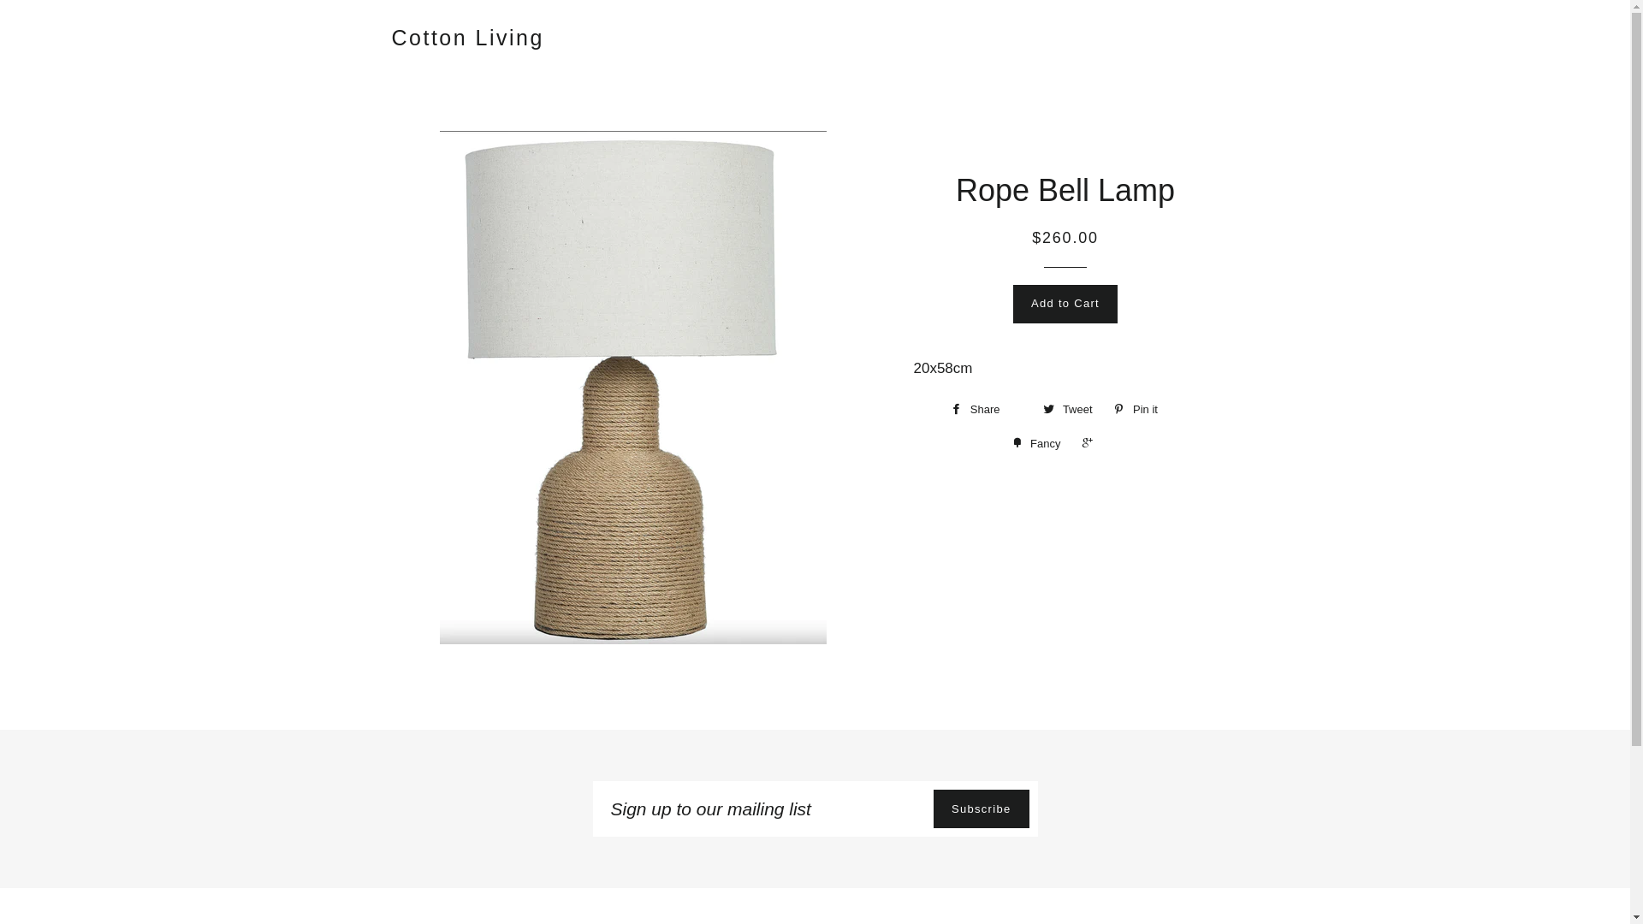  I want to click on 'Share', so click(986, 409).